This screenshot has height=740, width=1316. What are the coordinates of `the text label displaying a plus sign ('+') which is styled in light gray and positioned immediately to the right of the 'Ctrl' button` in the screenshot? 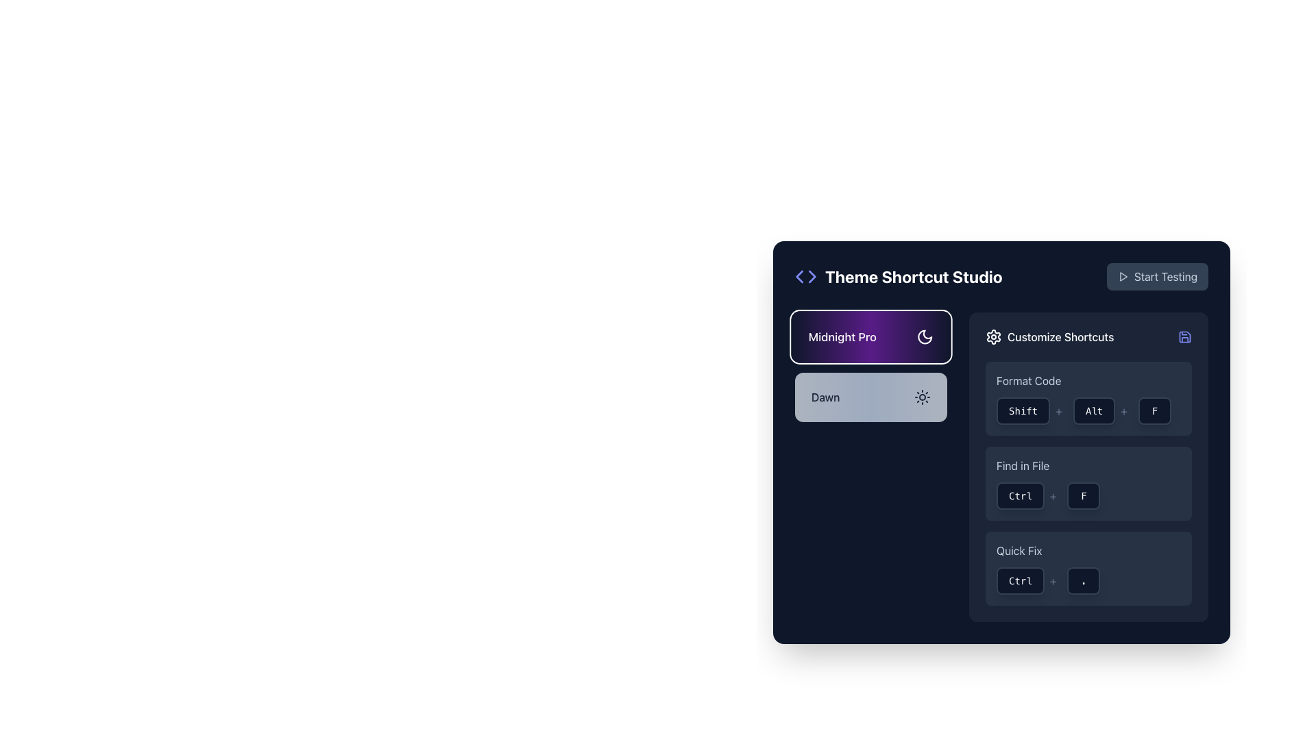 It's located at (1052, 496).